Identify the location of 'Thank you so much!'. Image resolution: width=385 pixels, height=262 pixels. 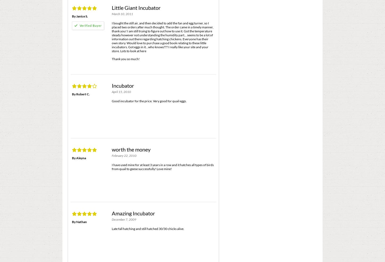
(125, 59).